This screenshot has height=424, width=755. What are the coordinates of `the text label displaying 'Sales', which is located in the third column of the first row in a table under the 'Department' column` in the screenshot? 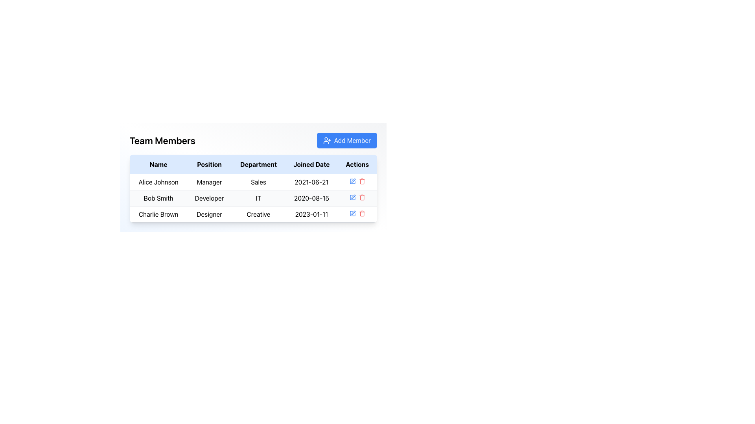 It's located at (258, 182).